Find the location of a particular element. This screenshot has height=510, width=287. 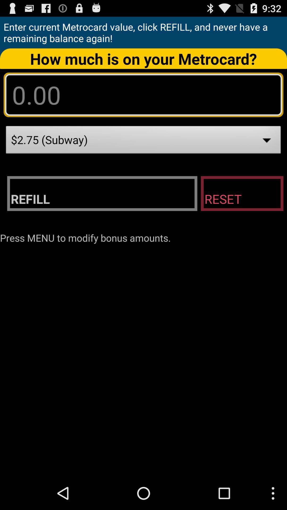

amount onto your metrocard is located at coordinates (143, 95).